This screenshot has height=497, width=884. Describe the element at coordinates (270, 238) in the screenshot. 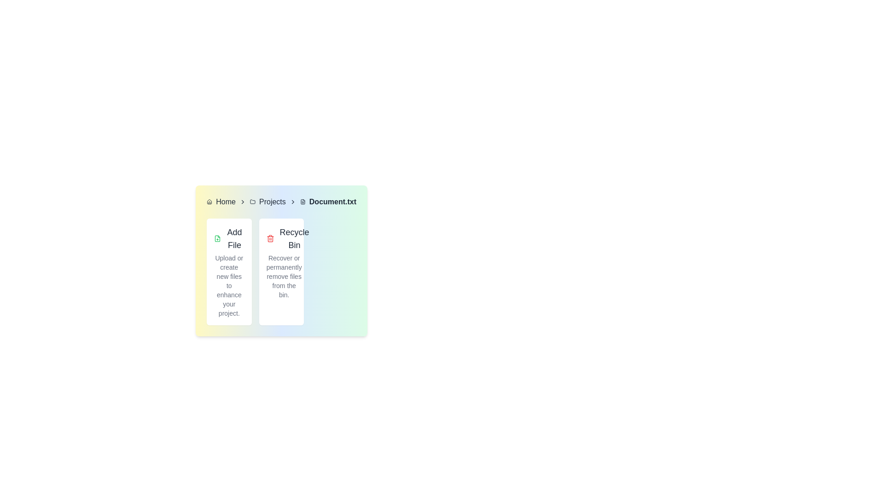

I see `the red trash bin icon located at the top-left corner of the 'Recycle Bin' card` at that location.